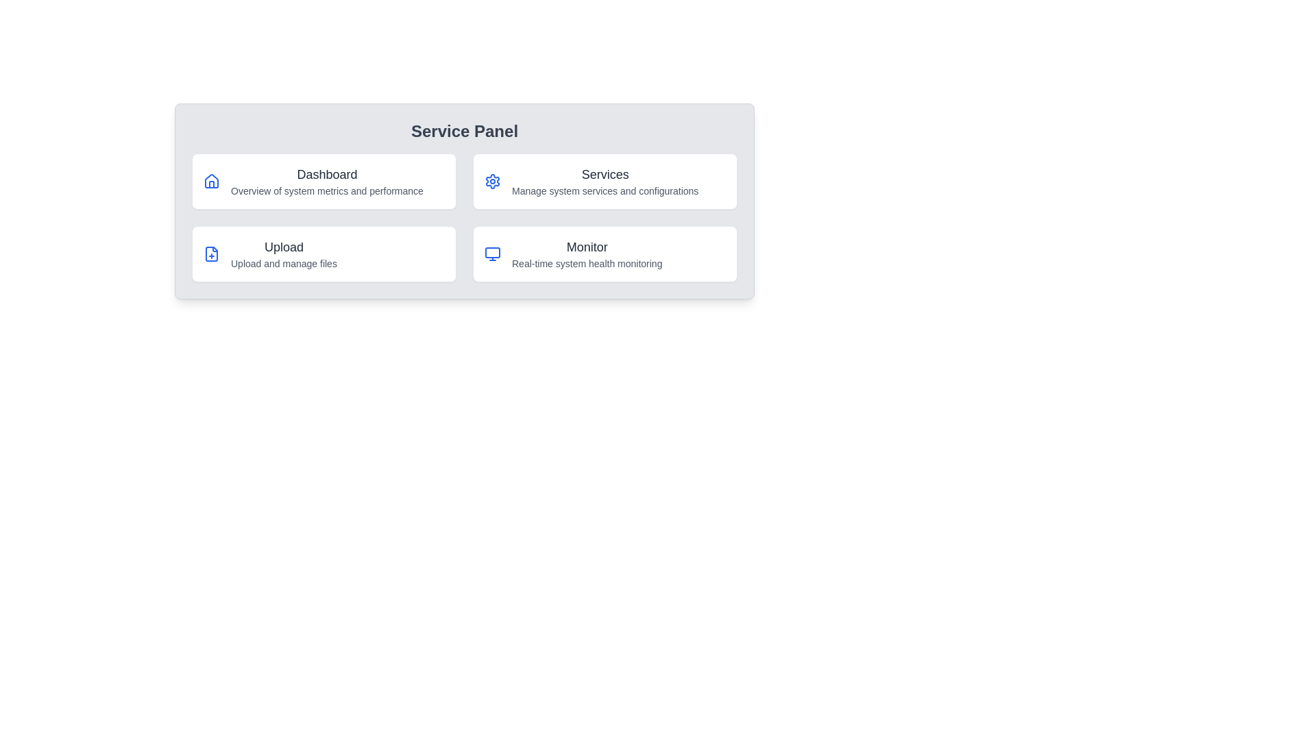 This screenshot has height=740, width=1316. I want to click on the selectable text label located in the bottom-right corner of the four-grid layout, beneath the 'Services' card and to the right of the 'Upload' card, so click(587, 254).